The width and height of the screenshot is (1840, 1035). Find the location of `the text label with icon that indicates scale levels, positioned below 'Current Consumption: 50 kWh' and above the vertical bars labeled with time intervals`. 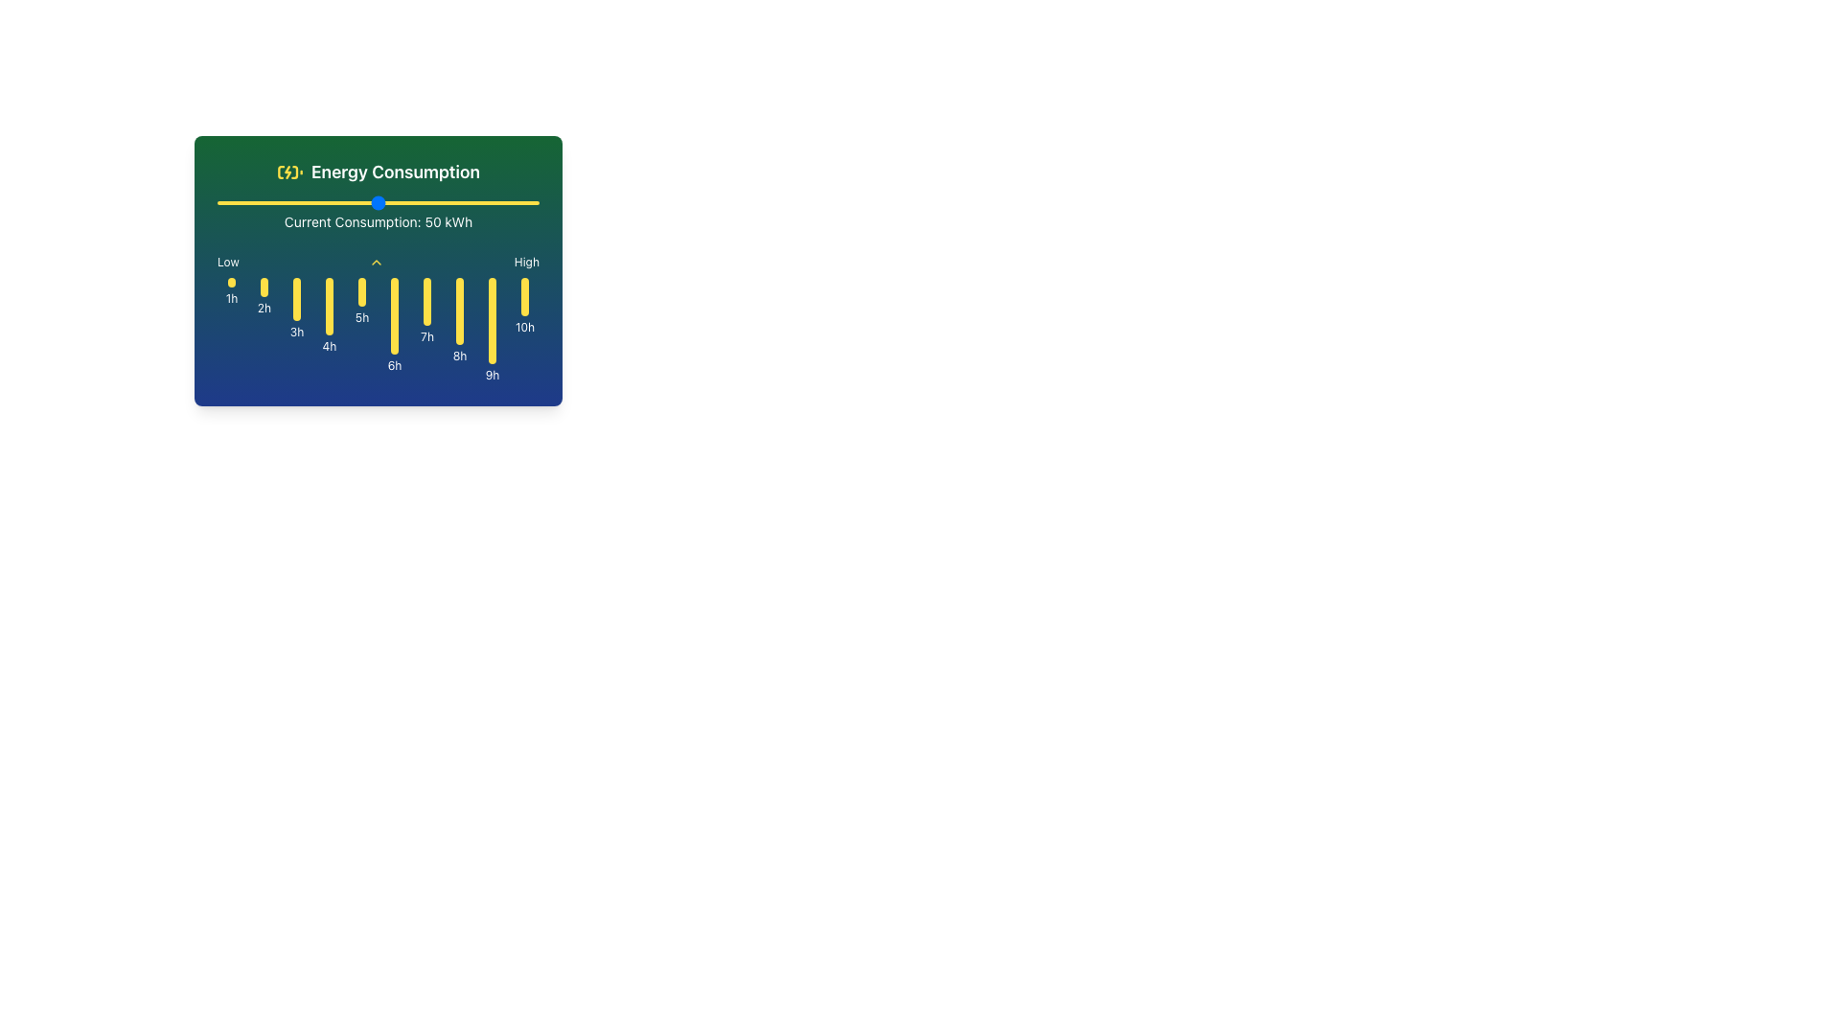

the text label with icon that indicates scale levels, positioned below 'Current Consumption: 50 kWh' and above the vertical bars labeled with time intervals is located at coordinates (378, 262).